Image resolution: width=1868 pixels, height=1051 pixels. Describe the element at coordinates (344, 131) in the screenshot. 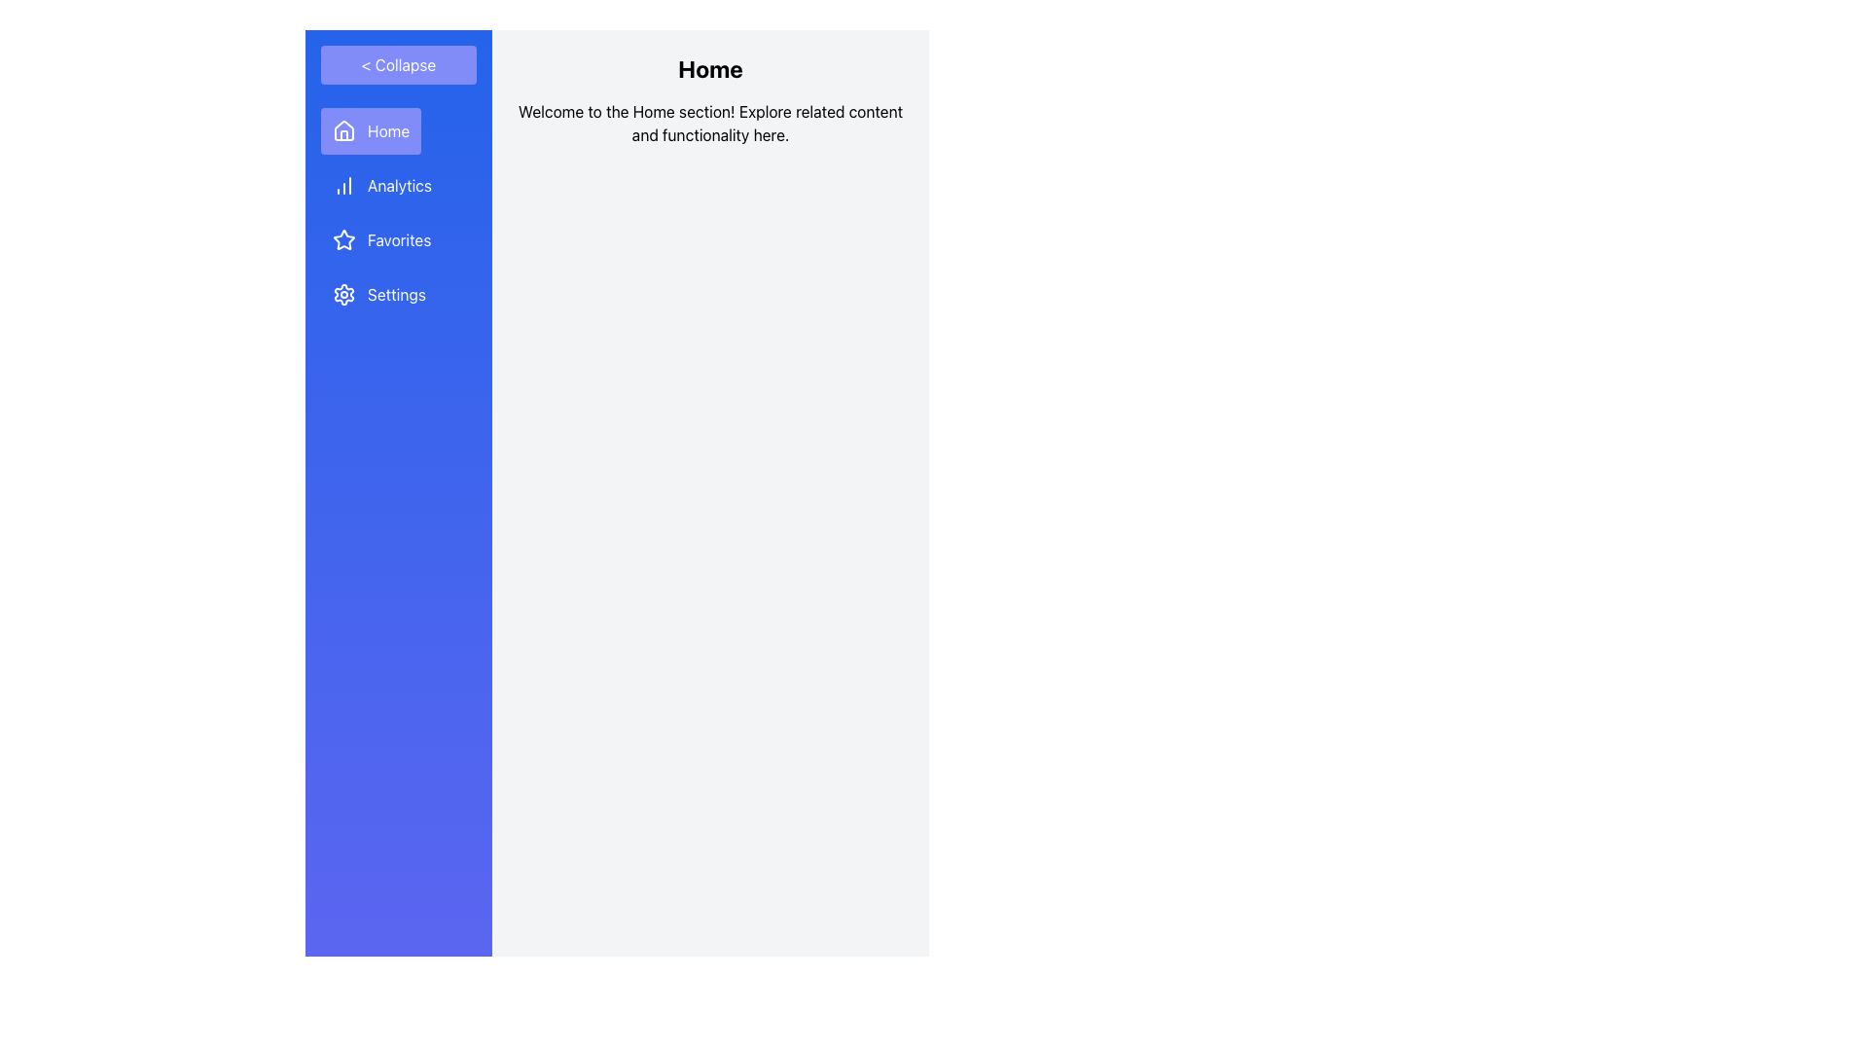

I see `the Home button which contains the decorative icon representing the home concept, located at the top of the vertical navigation sidebar` at that location.